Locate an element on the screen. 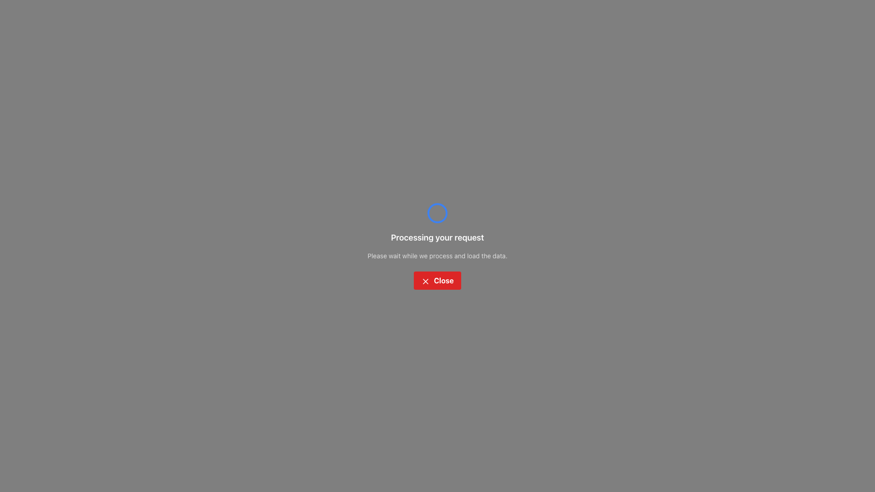 The height and width of the screenshot is (492, 875). the text element that displays 'Please wait while we process and load the data.' is located at coordinates (437, 256).